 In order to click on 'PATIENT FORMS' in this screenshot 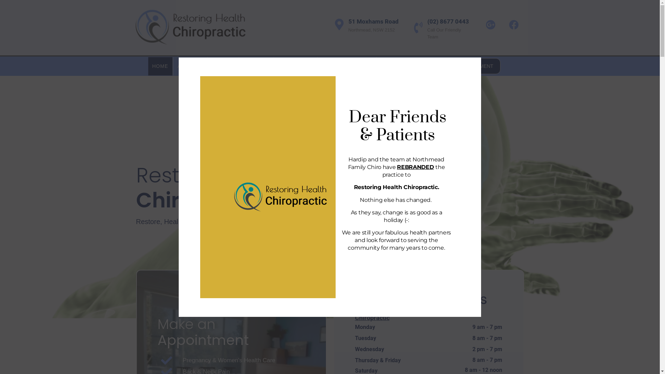, I will do `click(347, 66)`.